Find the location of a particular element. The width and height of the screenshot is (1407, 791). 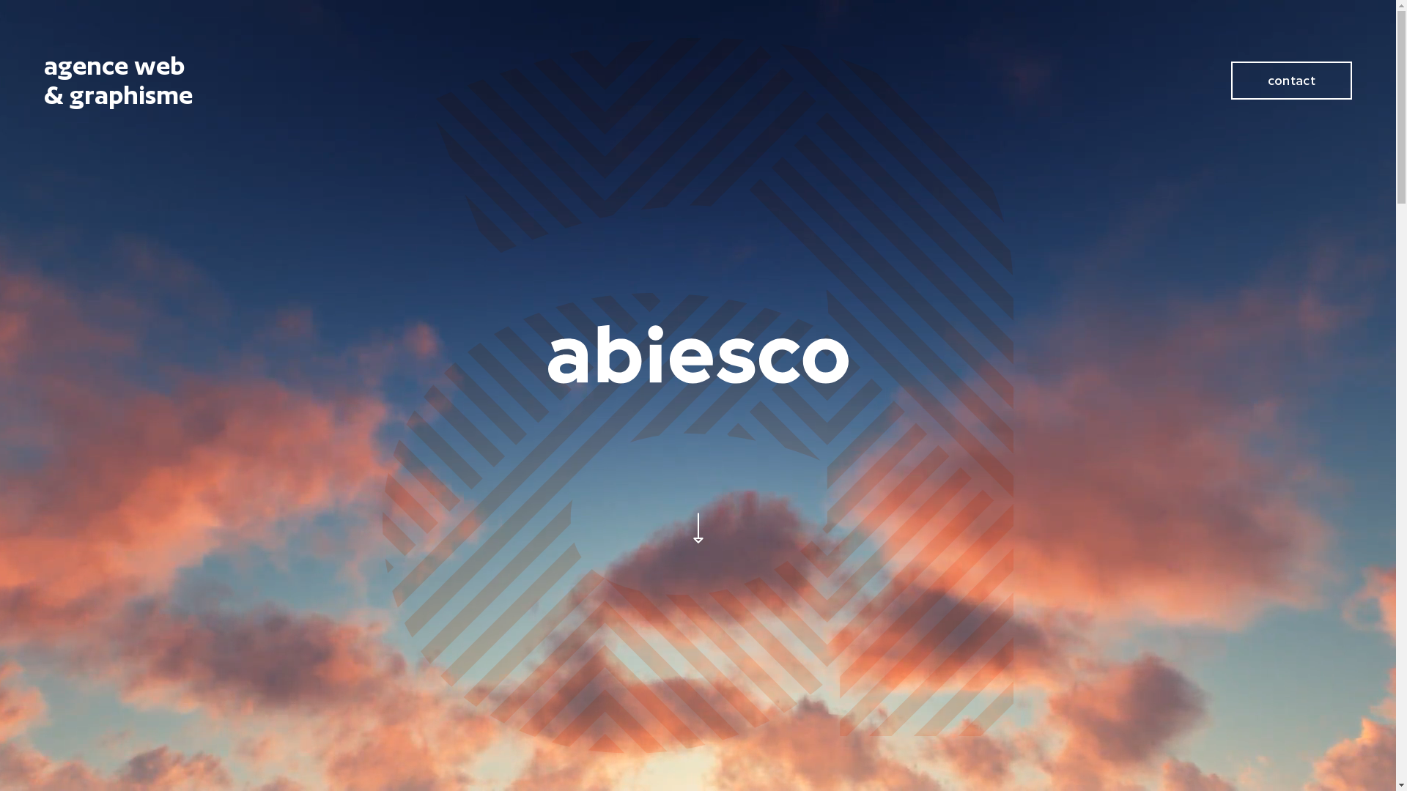

'contact' is located at coordinates (1291, 81).